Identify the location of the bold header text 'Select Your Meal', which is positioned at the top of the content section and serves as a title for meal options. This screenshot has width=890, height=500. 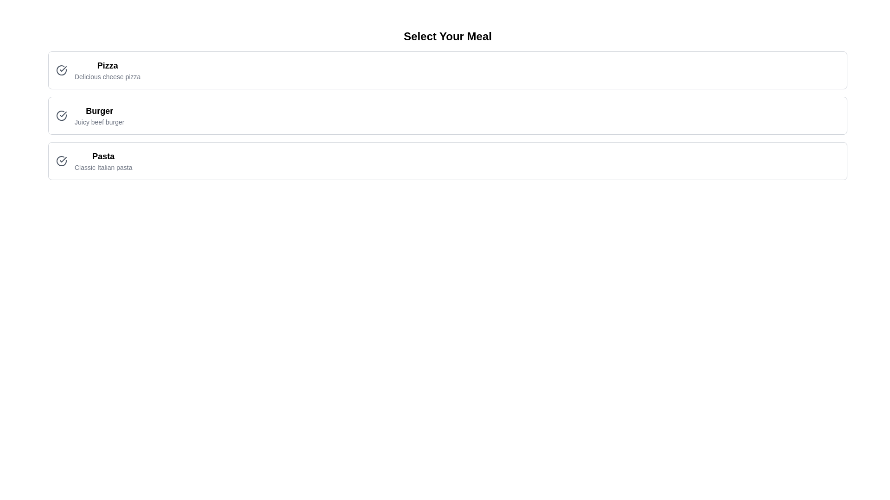
(447, 36).